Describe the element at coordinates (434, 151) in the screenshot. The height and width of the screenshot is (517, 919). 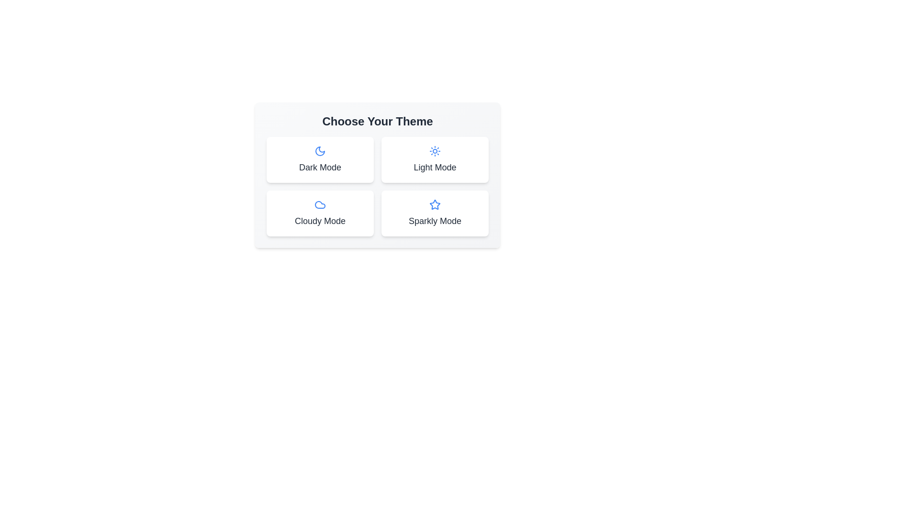
I see `the Decorative Icon for the 'Light Mode' option, which is located above its text label in the card at the top-right position of the 'Choose Your Theme' grid` at that location.